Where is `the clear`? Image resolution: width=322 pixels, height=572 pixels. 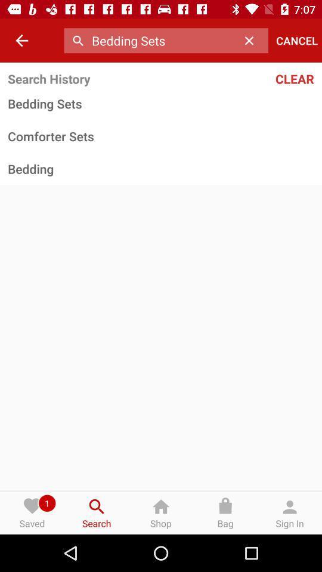
the clear is located at coordinates (268, 78).